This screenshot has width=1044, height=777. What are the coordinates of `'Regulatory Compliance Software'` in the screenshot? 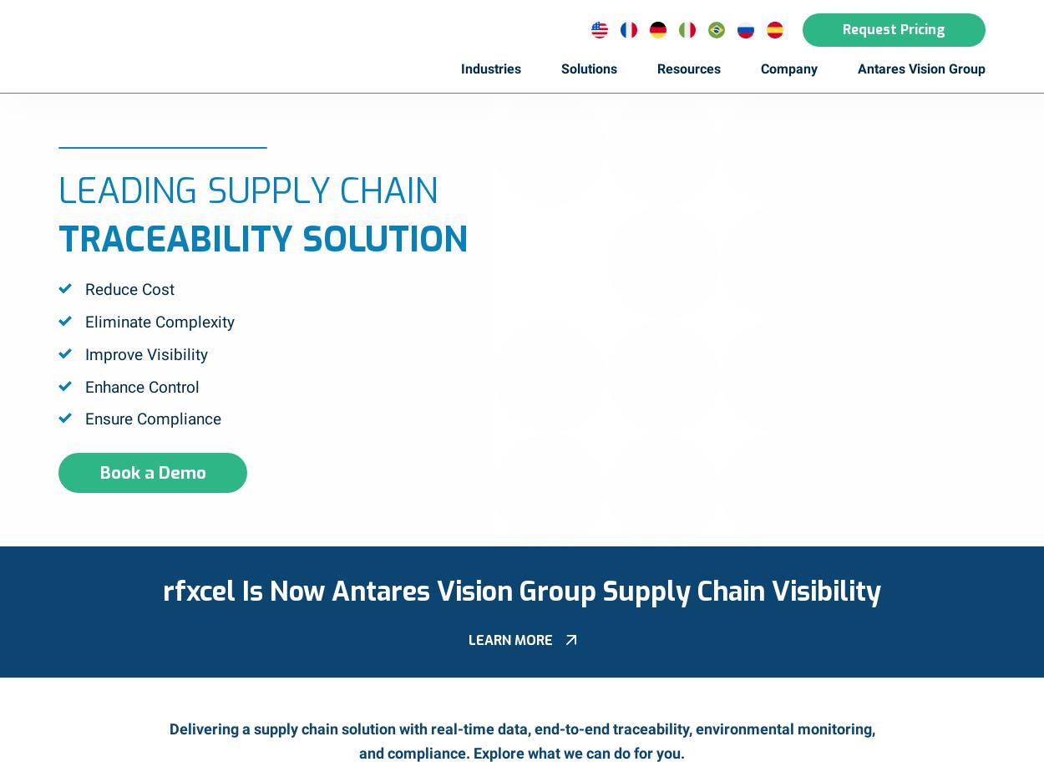 It's located at (573, 132).